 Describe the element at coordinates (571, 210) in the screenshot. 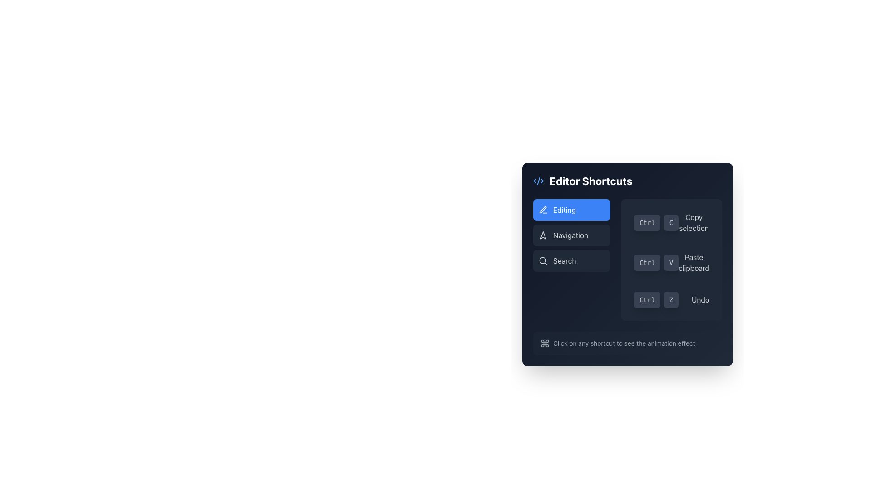

I see `the topmost button labeled 'Editing' with a light blue background and white text` at that location.